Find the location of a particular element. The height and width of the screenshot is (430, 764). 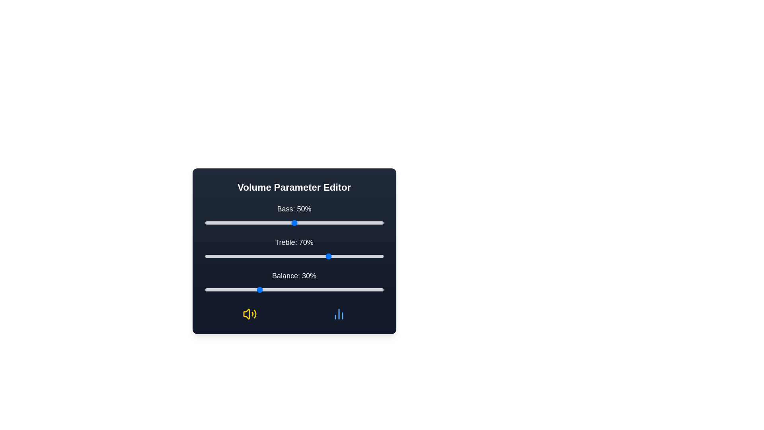

the 0 slider to a value of 16% is located at coordinates (233, 223).